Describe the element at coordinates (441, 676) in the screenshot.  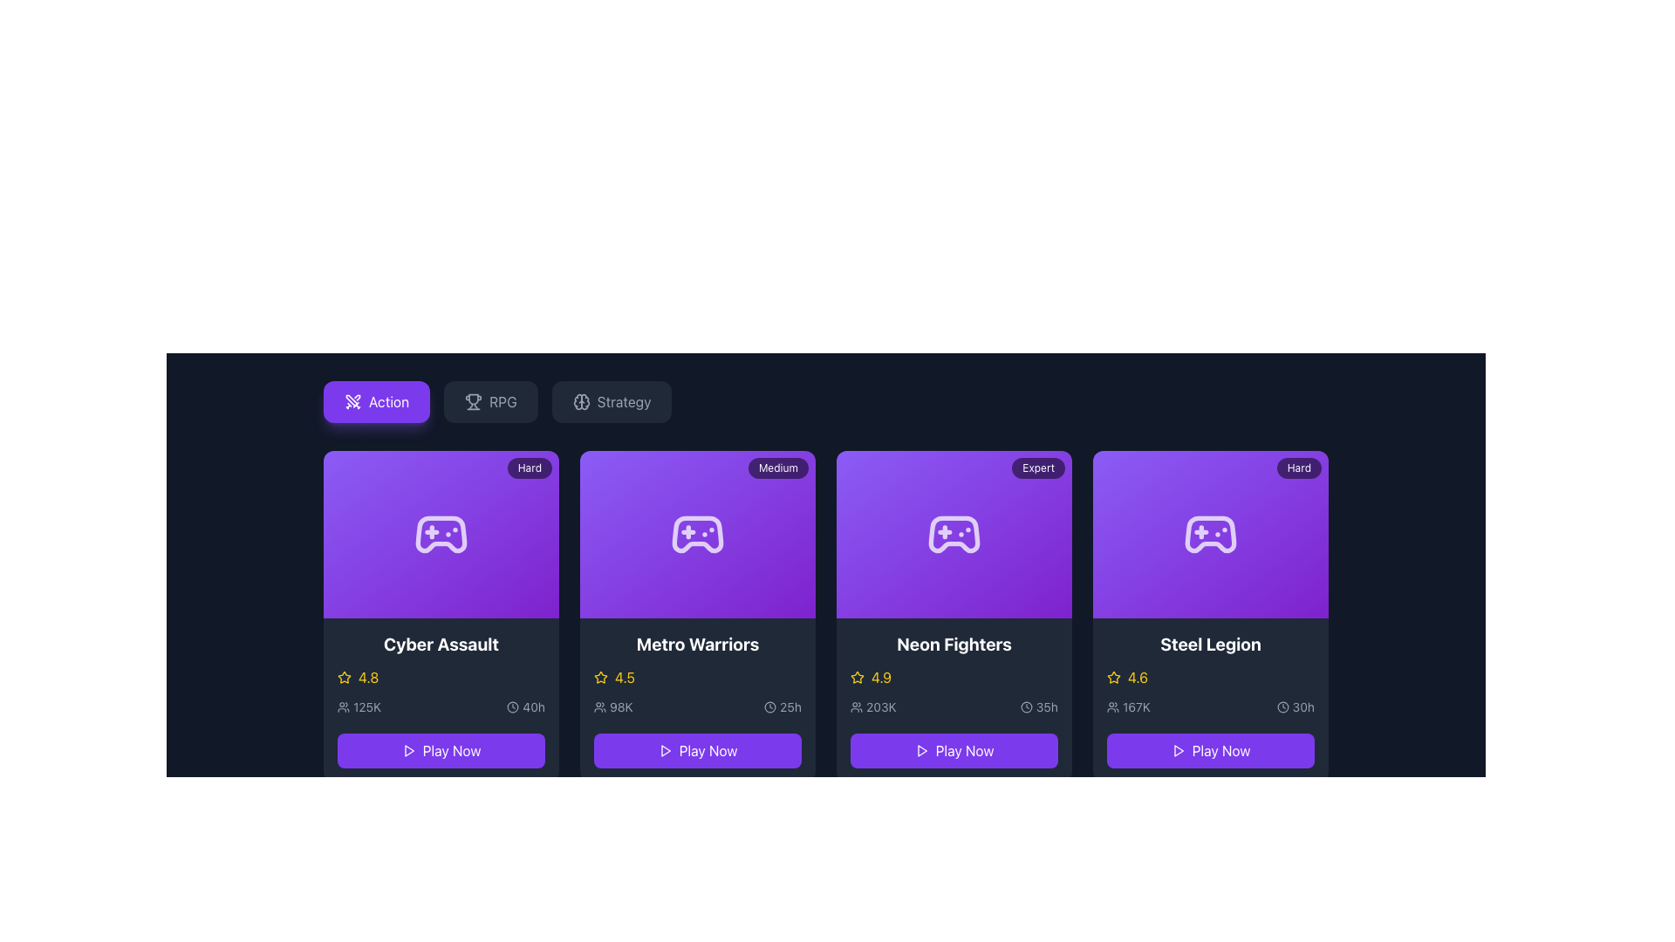
I see `the displayed rating for the game 'Cyber Assault' by clicking on the rating display located in the lower-middle section of the game card` at that location.